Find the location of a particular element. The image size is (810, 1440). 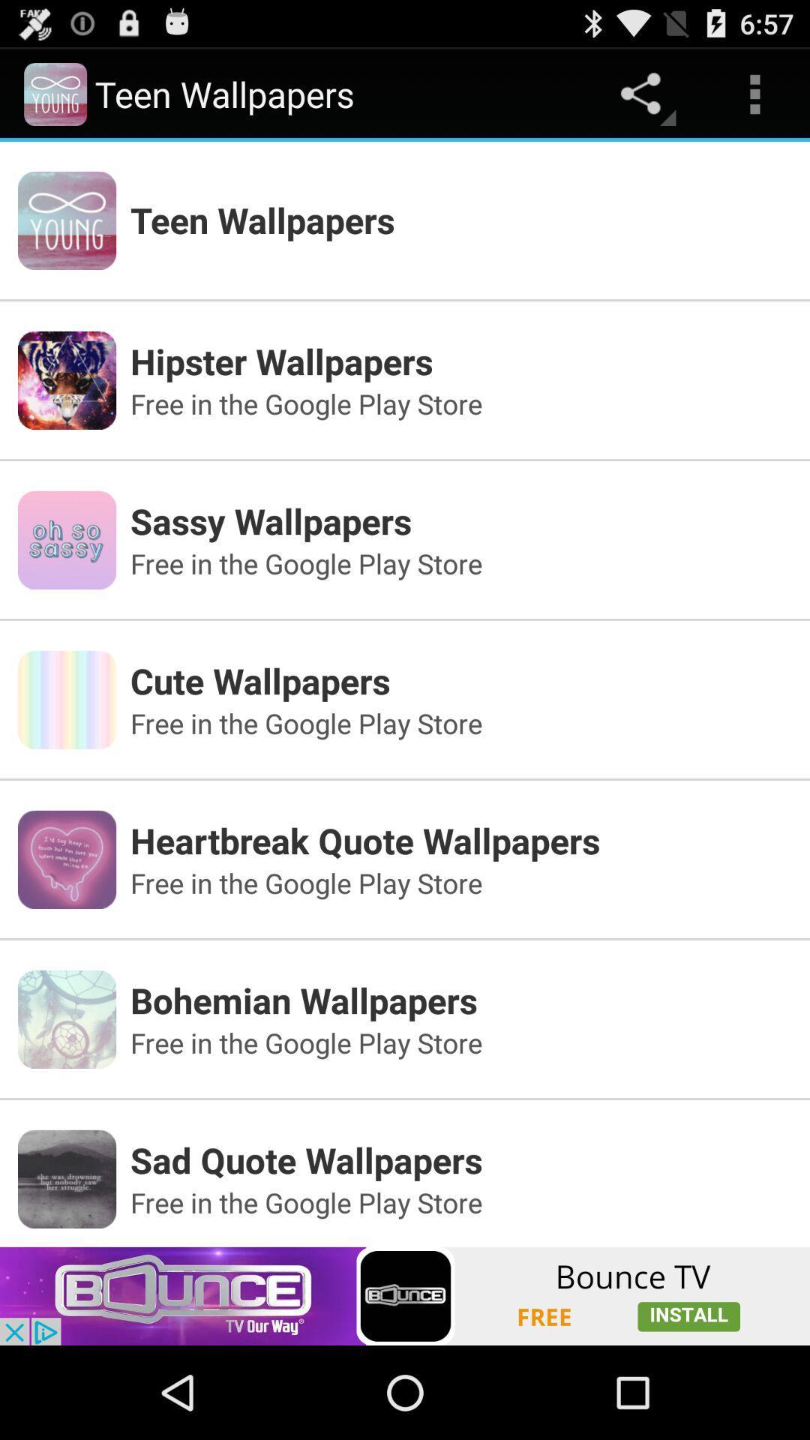

advertisement is located at coordinates (405, 1295).